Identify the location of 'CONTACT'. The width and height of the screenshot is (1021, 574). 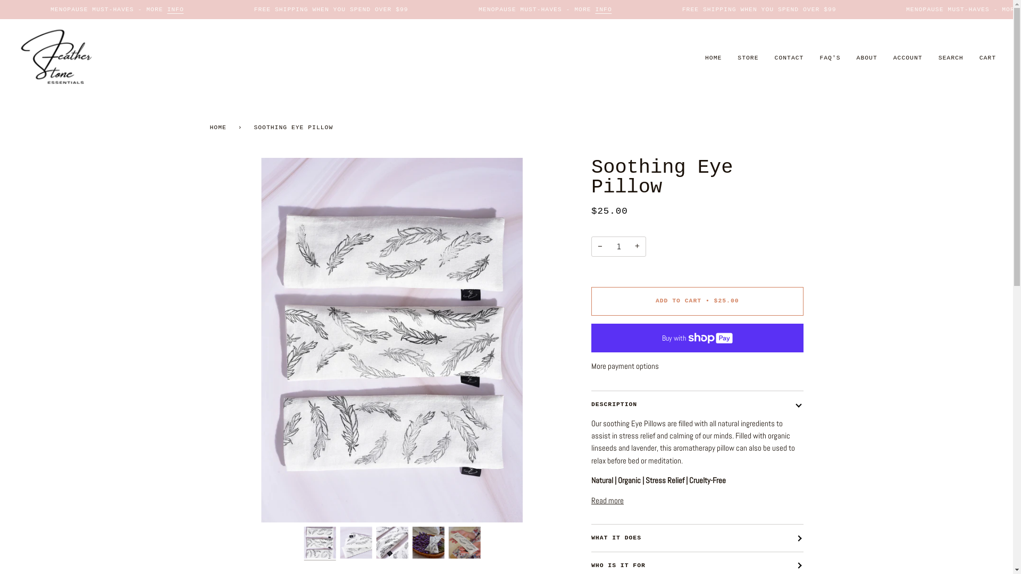
(789, 57).